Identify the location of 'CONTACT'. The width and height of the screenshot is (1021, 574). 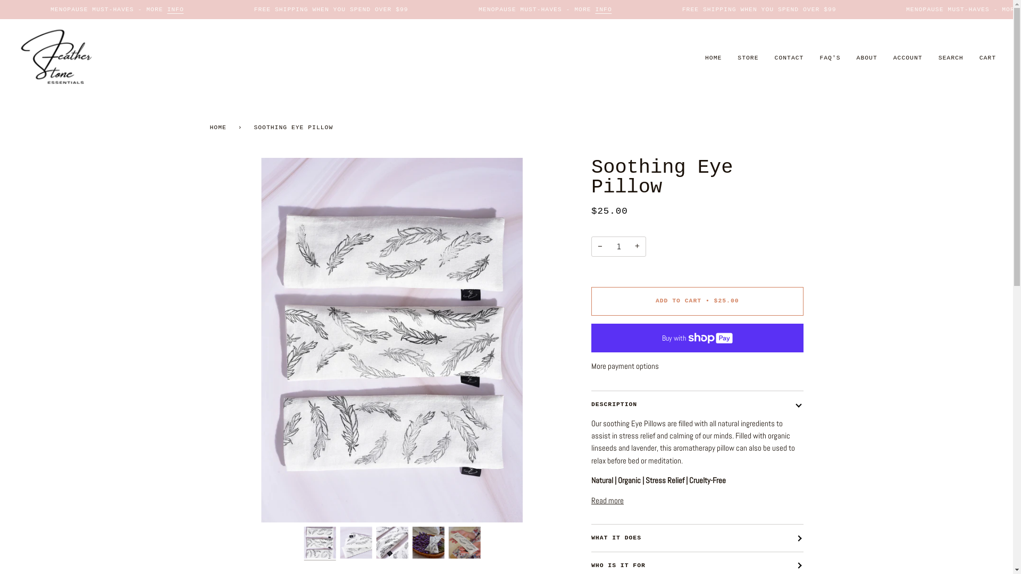
(789, 57).